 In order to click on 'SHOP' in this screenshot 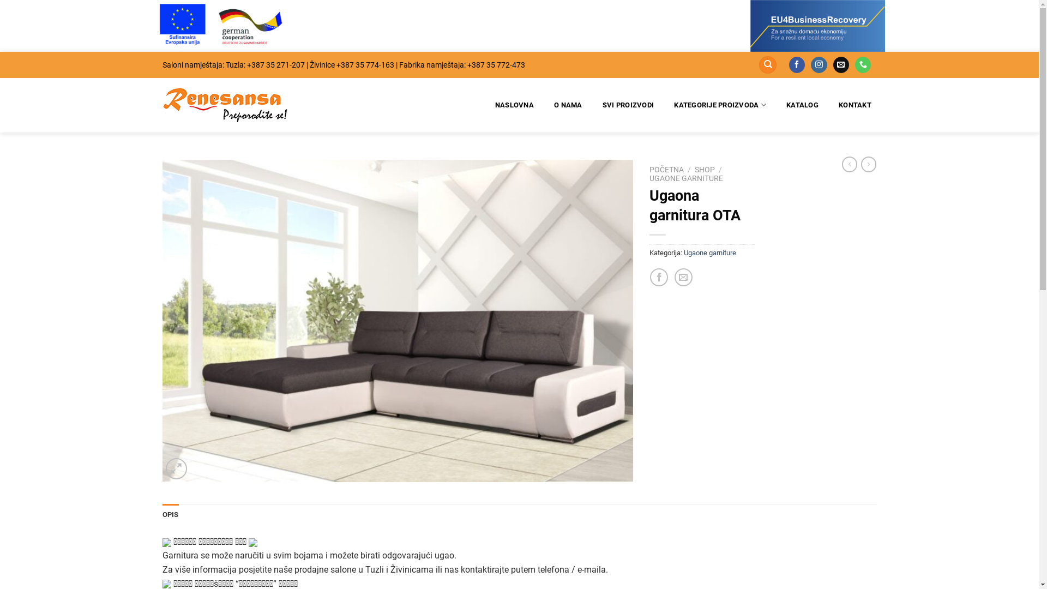, I will do `click(705, 170)`.